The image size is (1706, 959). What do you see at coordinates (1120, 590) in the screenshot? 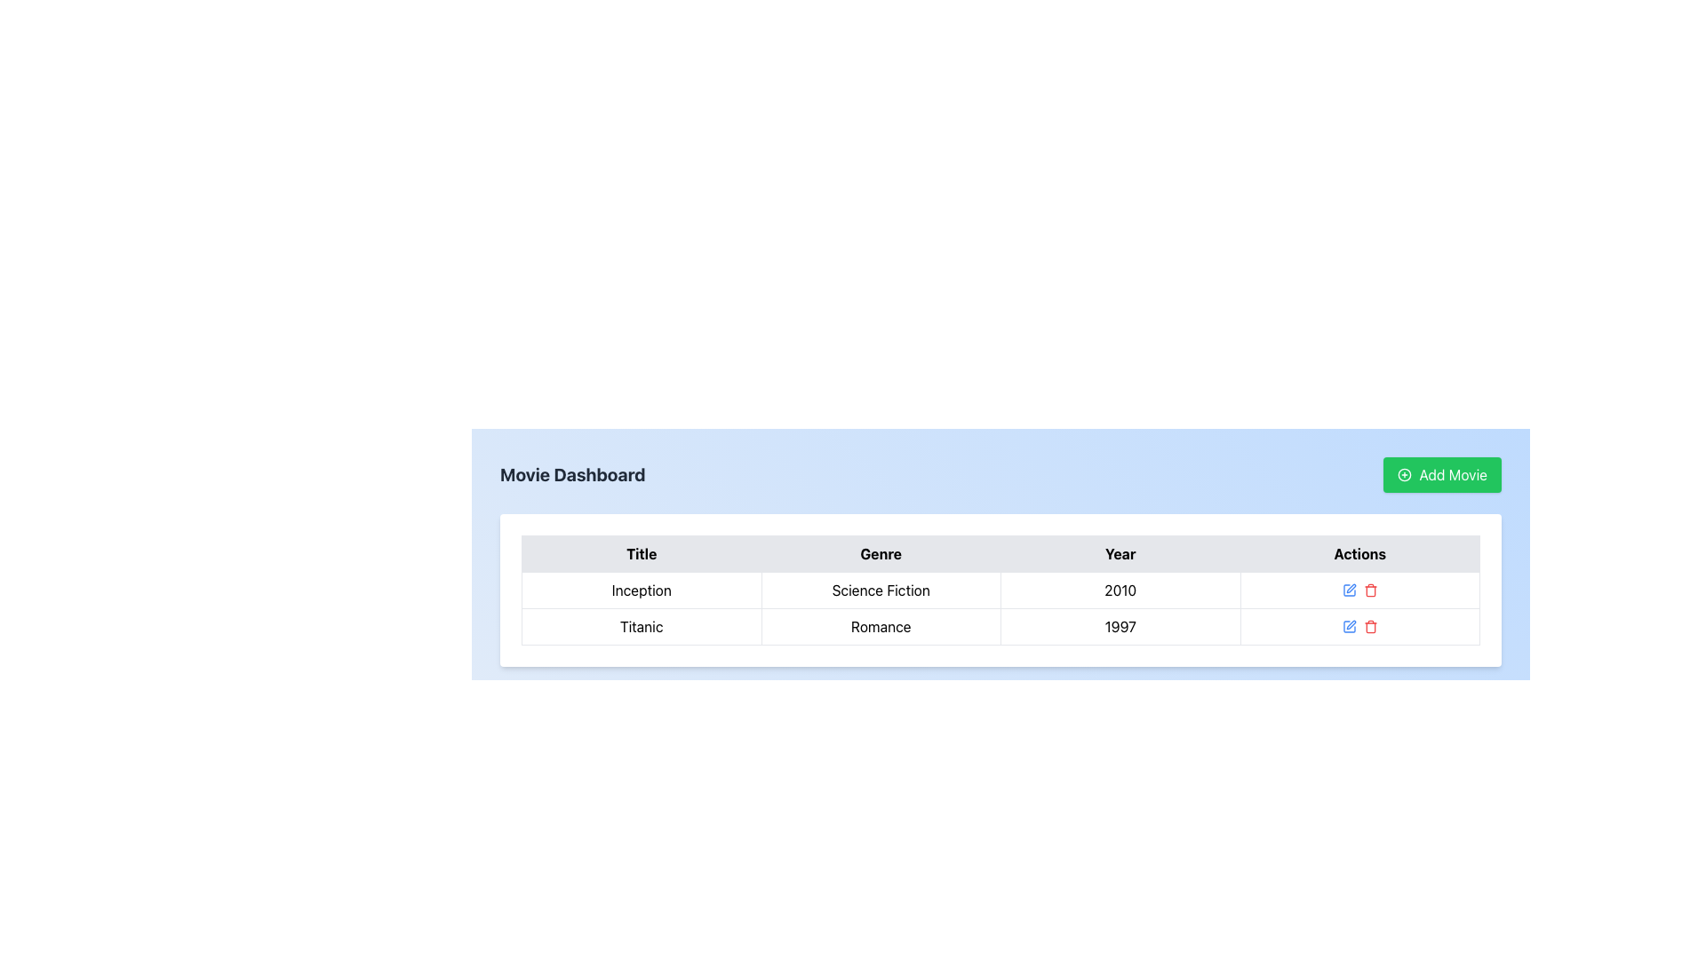
I see `the text label displaying '2010' in bold black font, located in the 'Year' column of the data table` at bounding box center [1120, 590].